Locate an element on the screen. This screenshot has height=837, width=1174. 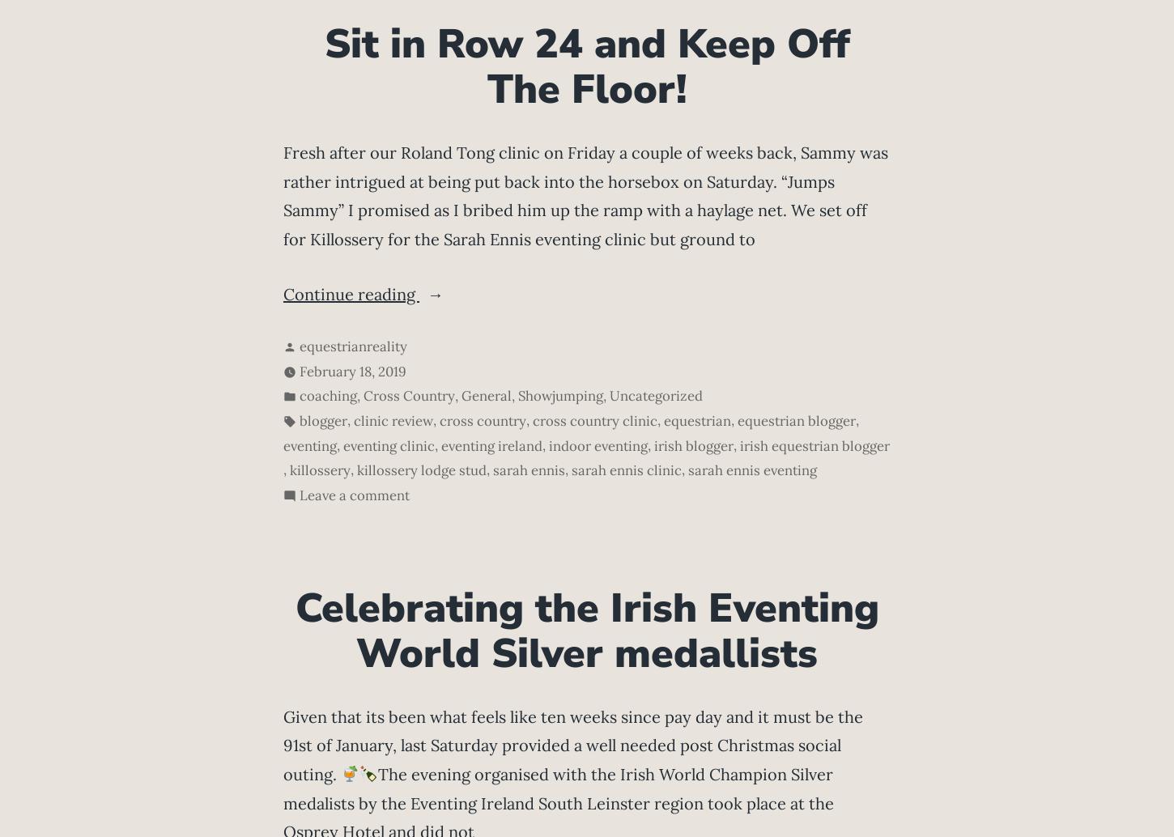
'irish blogger' is located at coordinates (692, 444).